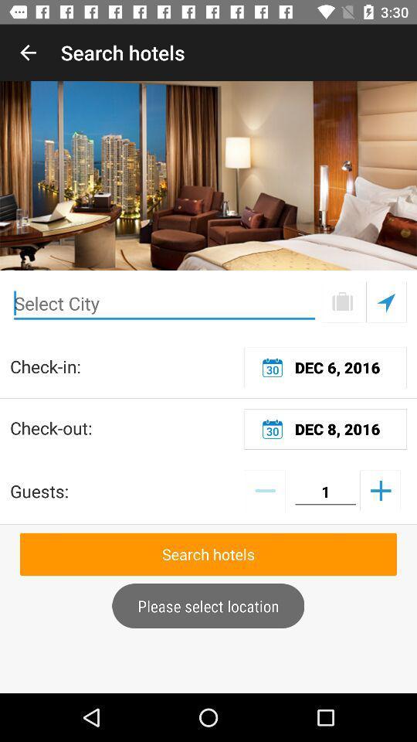 This screenshot has width=417, height=742. Describe the element at coordinates (385, 301) in the screenshot. I see `make selection` at that location.